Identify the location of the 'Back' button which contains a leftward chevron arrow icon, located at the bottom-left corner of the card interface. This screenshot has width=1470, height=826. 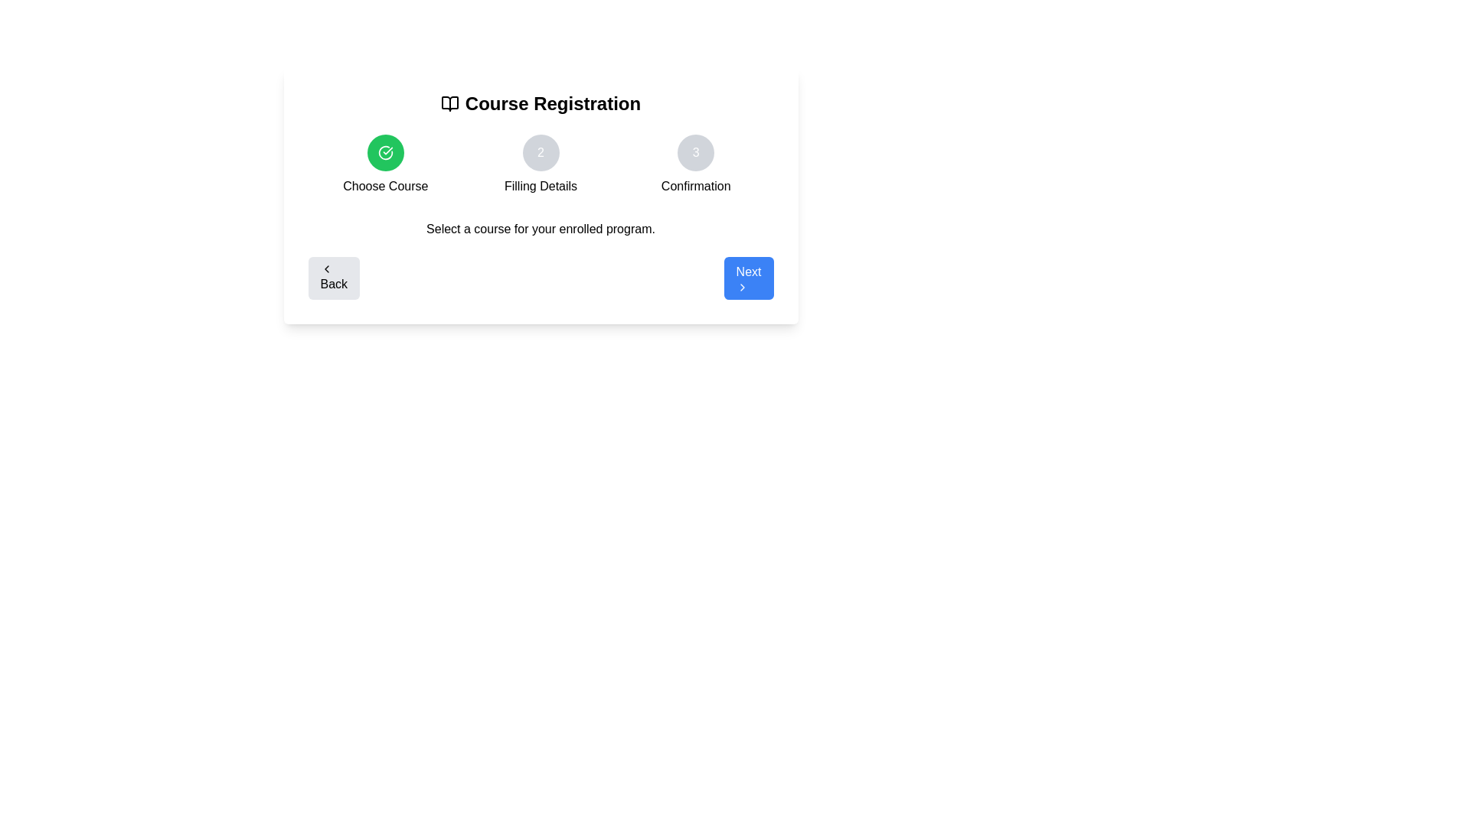
(325, 268).